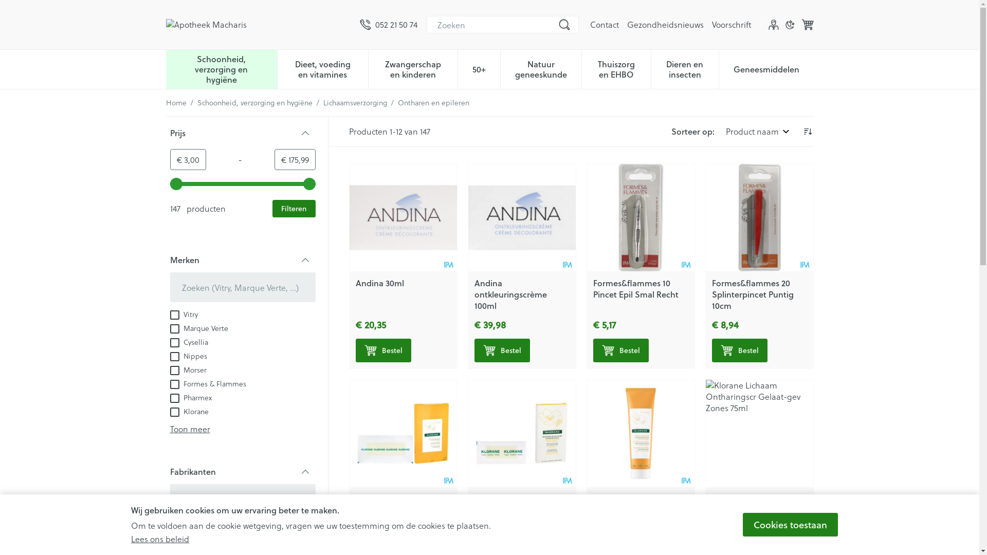  What do you see at coordinates (789, 24) in the screenshot?
I see `'Donkere modus'` at bounding box center [789, 24].